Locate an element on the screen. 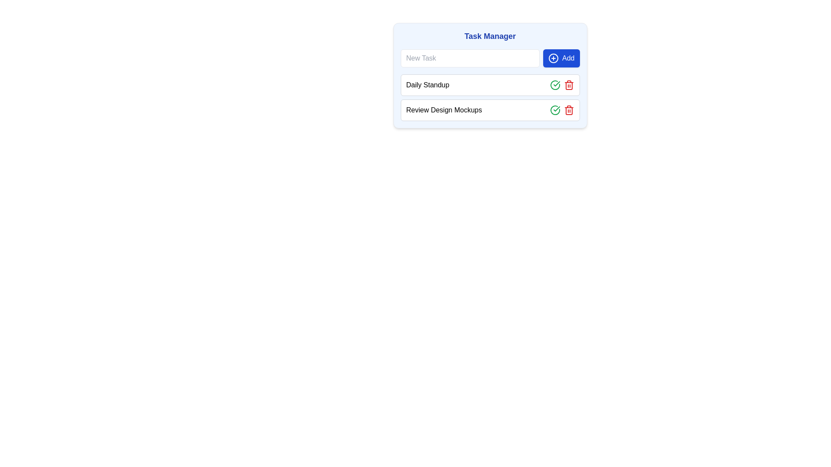 Image resolution: width=831 pixels, height=467 pixels. the red-colored trash bin icon located on the right side of the second row in the list of tasks is located at coordinates (569, 109).